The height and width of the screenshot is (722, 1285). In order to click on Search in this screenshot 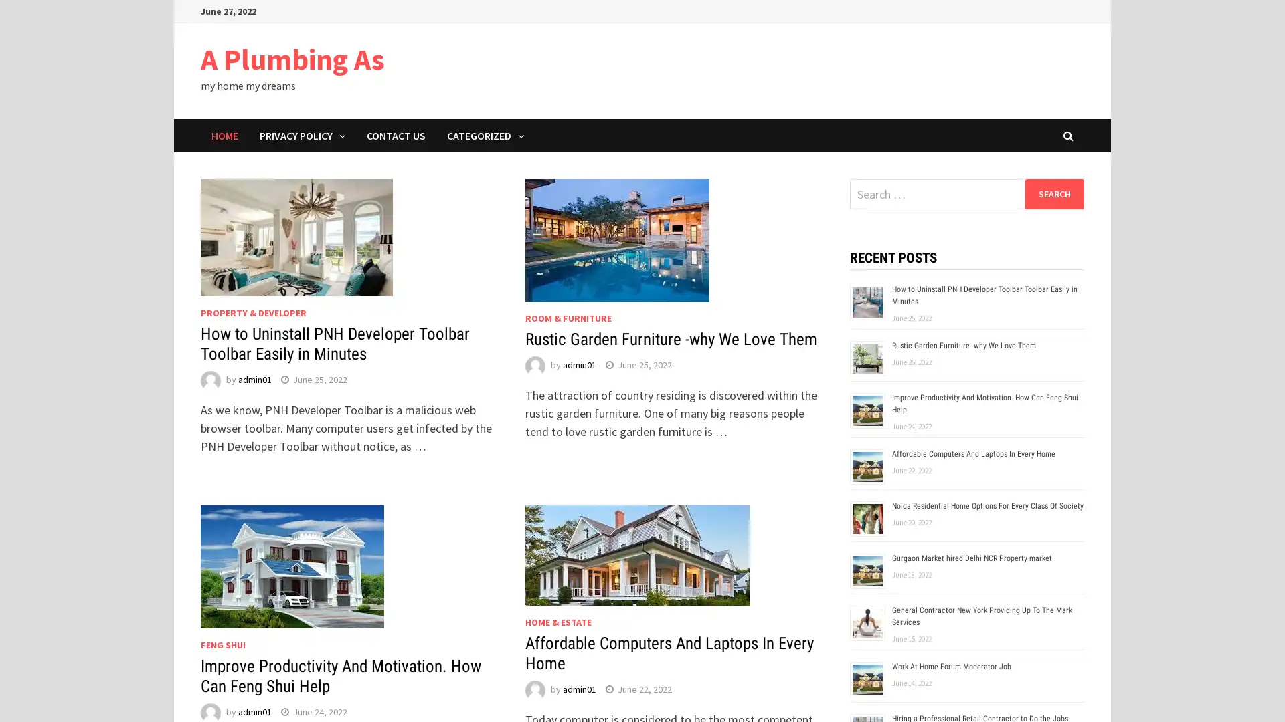, I will do `click(1053, 193)`.